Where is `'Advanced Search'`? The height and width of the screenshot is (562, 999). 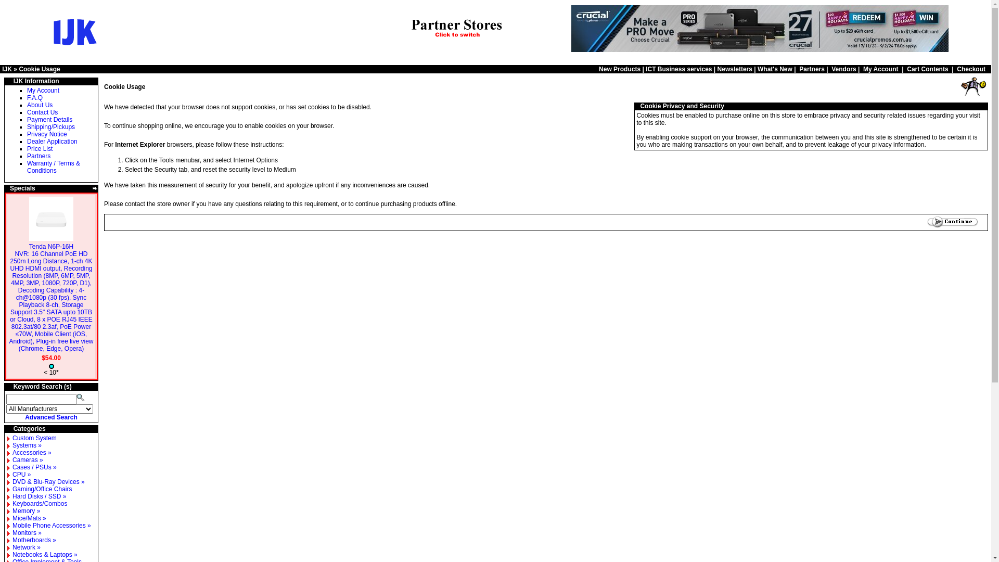
'Advanced Search' is located at coordinates (50, 417).